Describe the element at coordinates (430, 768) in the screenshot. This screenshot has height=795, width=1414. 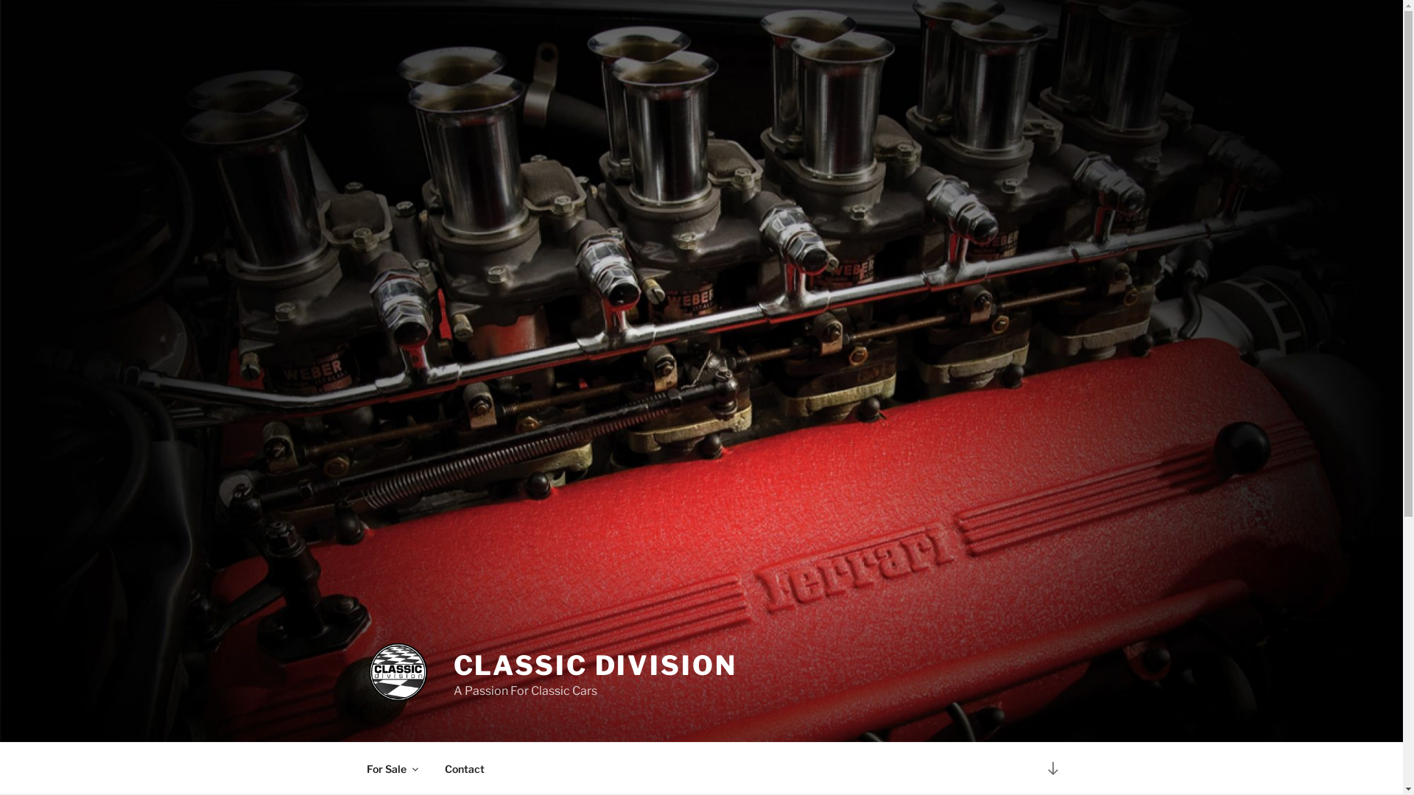
I see `'Contact'` at that location.